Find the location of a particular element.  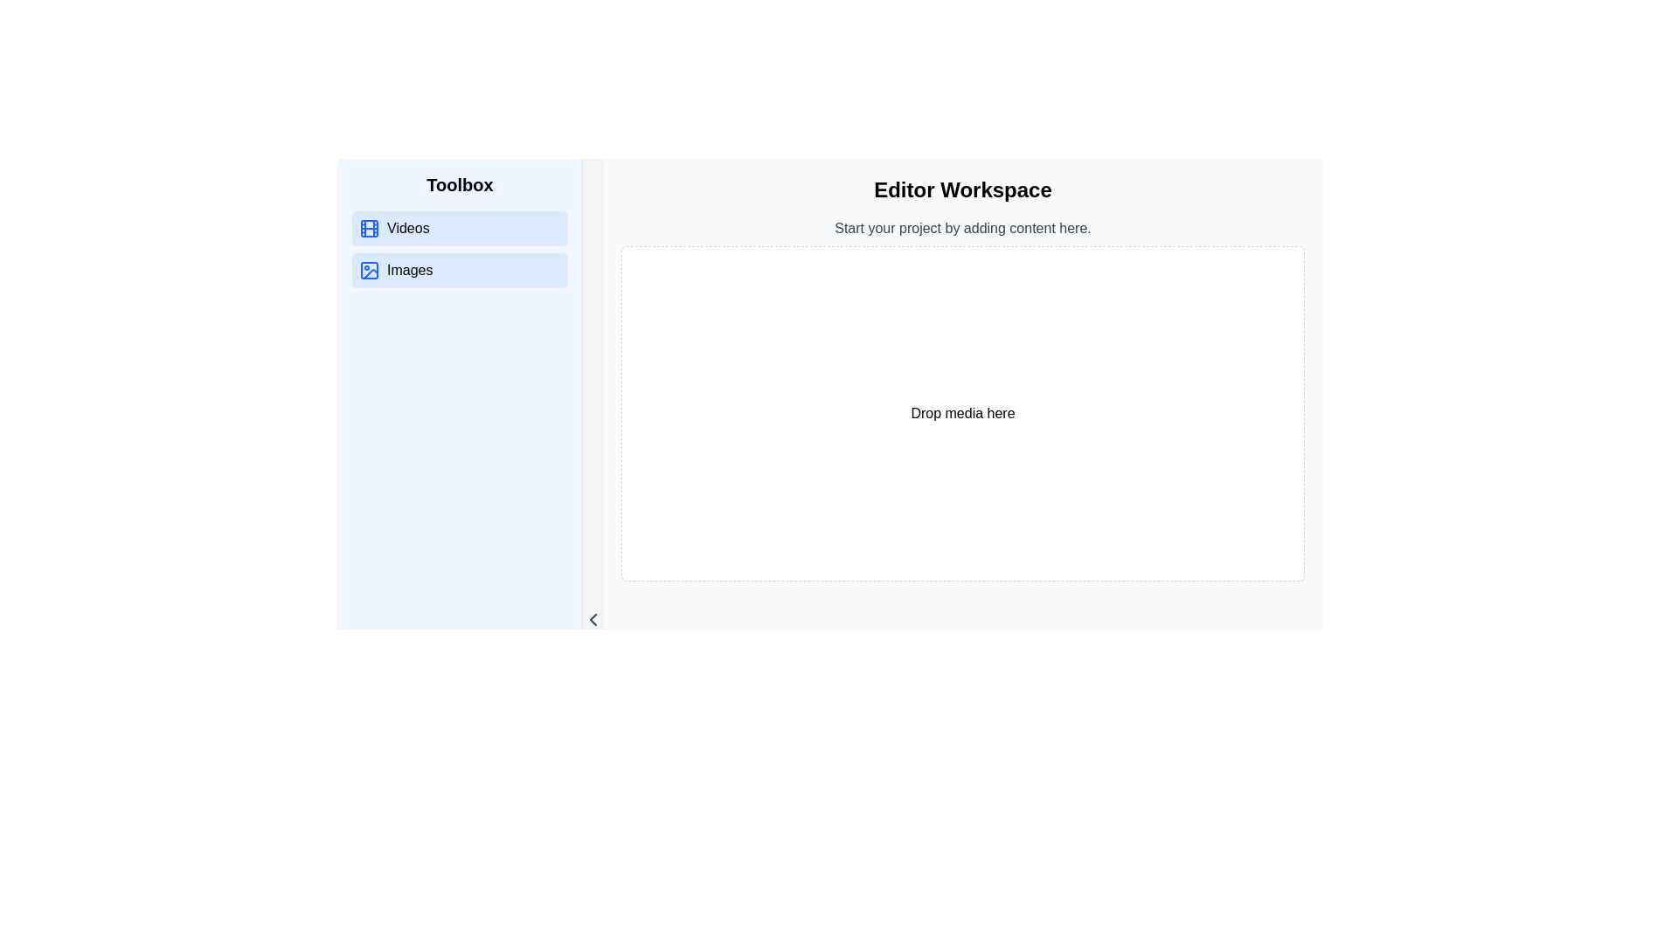

the 'Images' button located in the left sidebar under the 'Toolbox', which is the second button below the 'Videos' button, to trigger hover effects is located at coordinates (460, 270).